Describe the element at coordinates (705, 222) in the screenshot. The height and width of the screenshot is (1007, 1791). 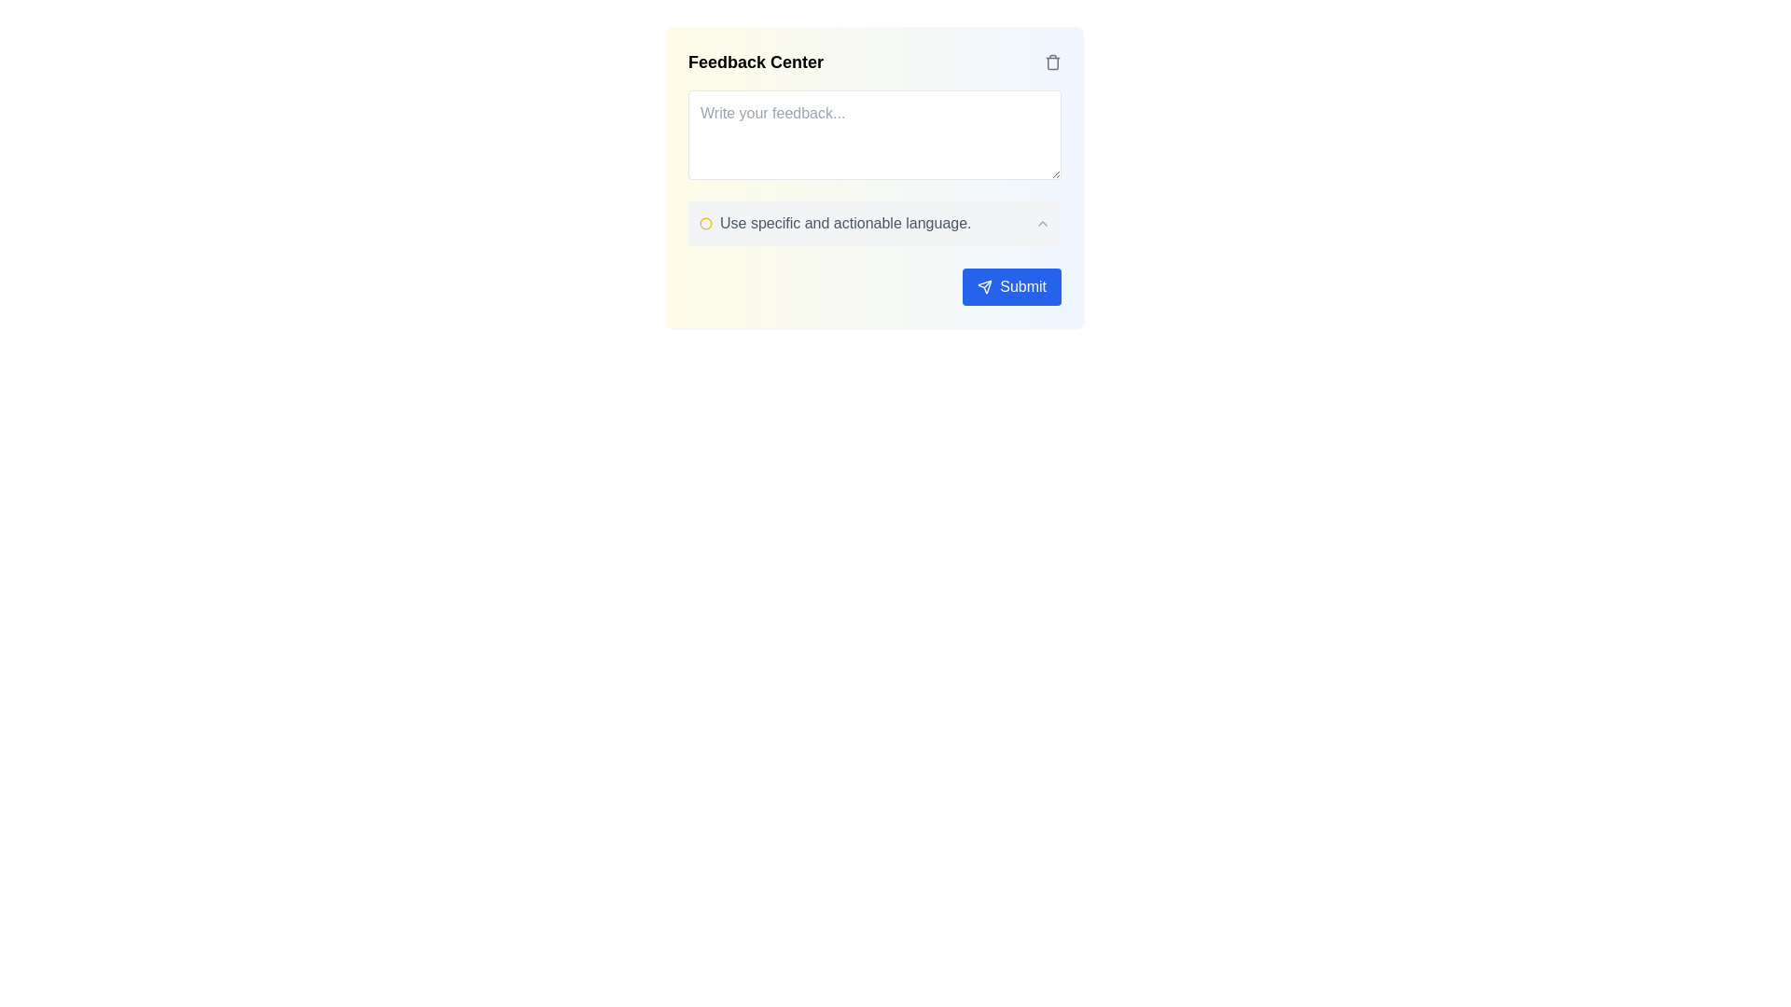
I see `the decorative SVG Circle located inside the 'Feedback Center' component, which is positioned to the left of the checkbox labeled 'Use specific and actionable language.'` at that location.